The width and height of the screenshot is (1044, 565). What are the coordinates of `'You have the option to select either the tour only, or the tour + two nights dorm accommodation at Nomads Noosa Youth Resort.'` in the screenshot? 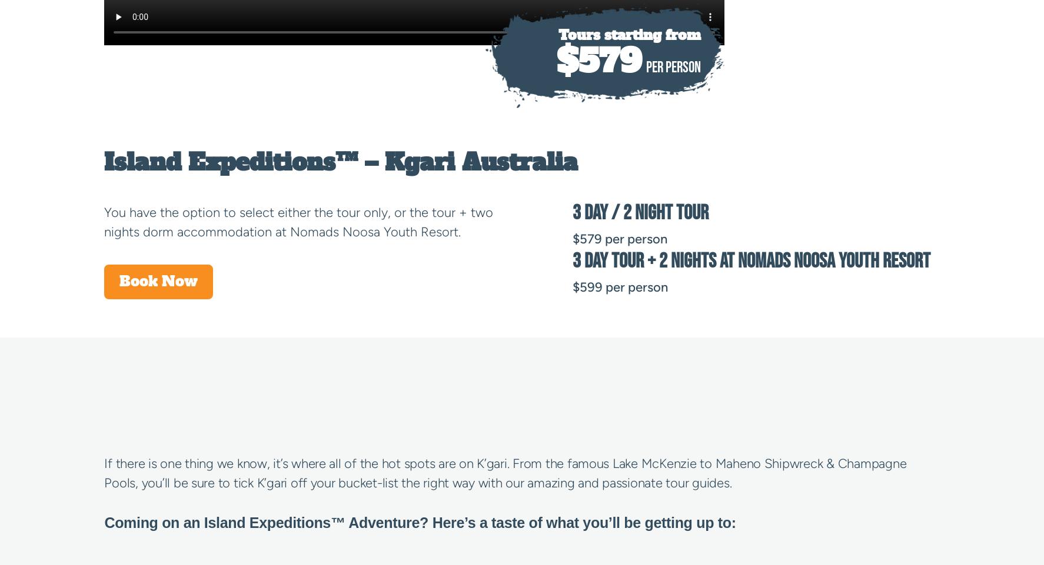 It's located at (298, 222).